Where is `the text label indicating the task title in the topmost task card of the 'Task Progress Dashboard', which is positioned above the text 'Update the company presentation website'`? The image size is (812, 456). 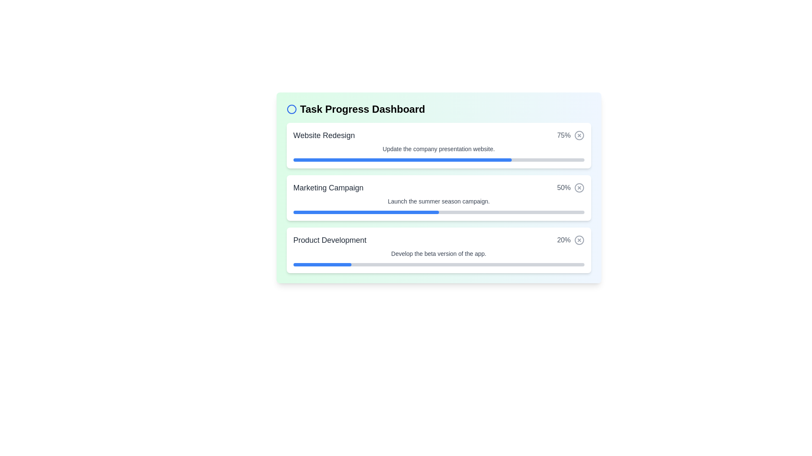
the text label indicating the task title in the topmost task card of the 'Task Progress Dashboard', which is positioned above the text 'Update the company presentation website' is located at coordinates (324, 135).